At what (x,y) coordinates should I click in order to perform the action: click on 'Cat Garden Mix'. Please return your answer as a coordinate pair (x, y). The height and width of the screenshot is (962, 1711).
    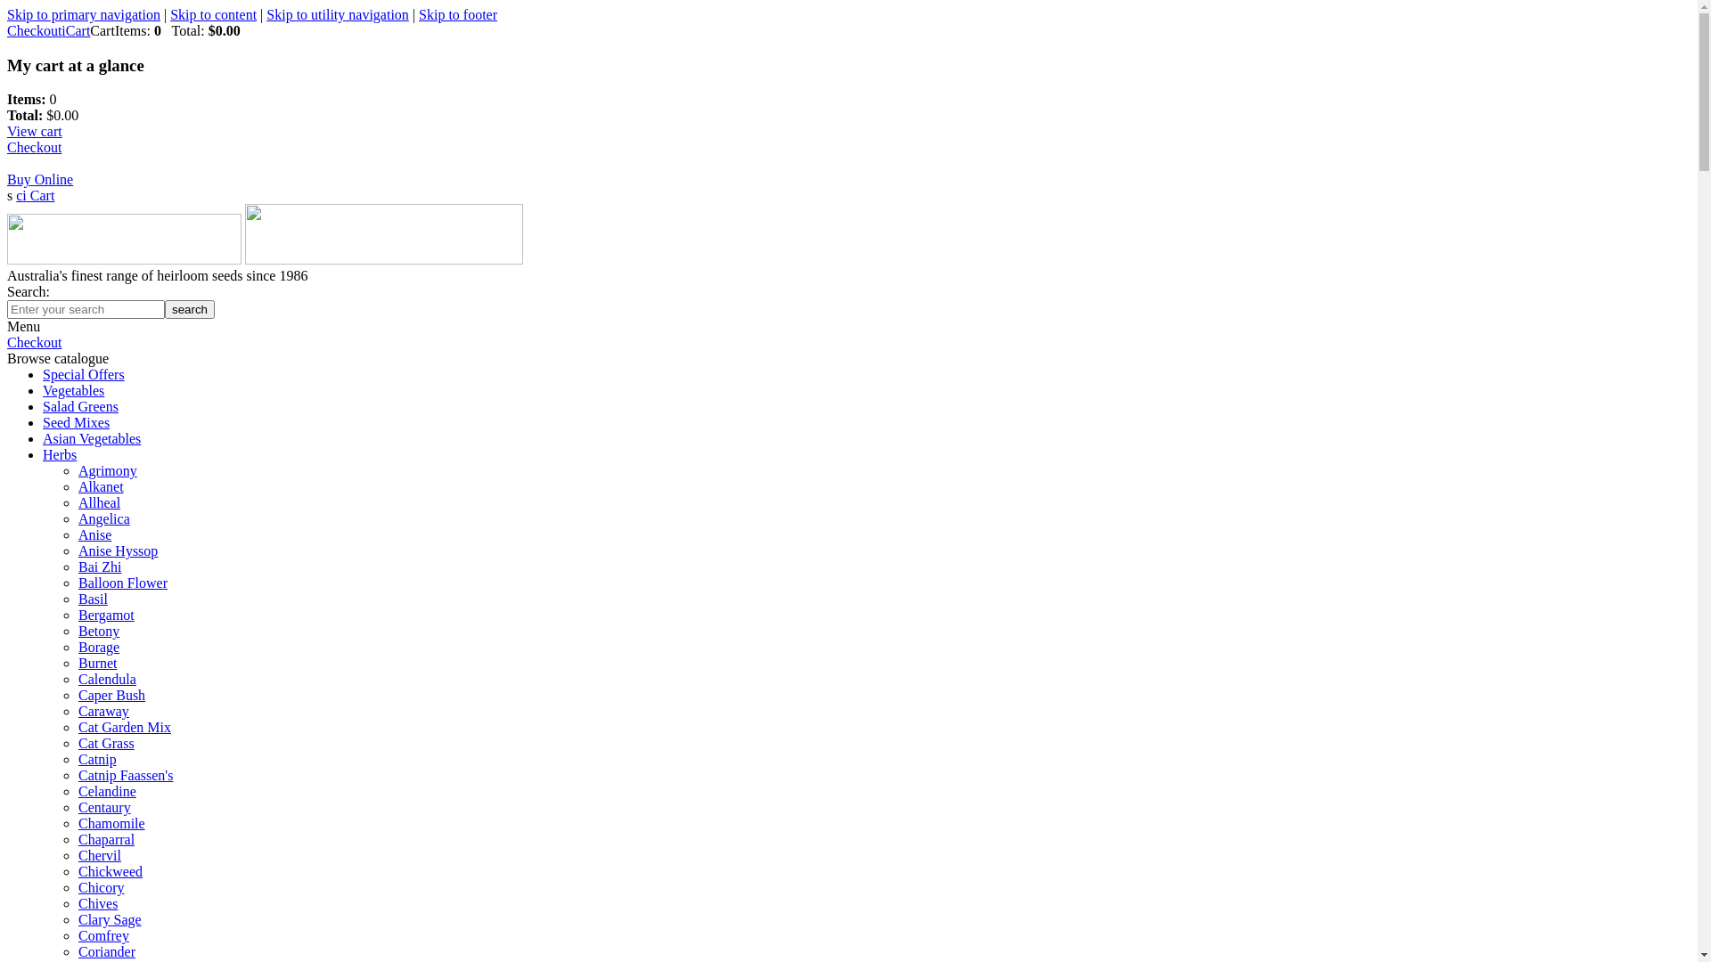
    Looking at the image, I should click on (123, 727).